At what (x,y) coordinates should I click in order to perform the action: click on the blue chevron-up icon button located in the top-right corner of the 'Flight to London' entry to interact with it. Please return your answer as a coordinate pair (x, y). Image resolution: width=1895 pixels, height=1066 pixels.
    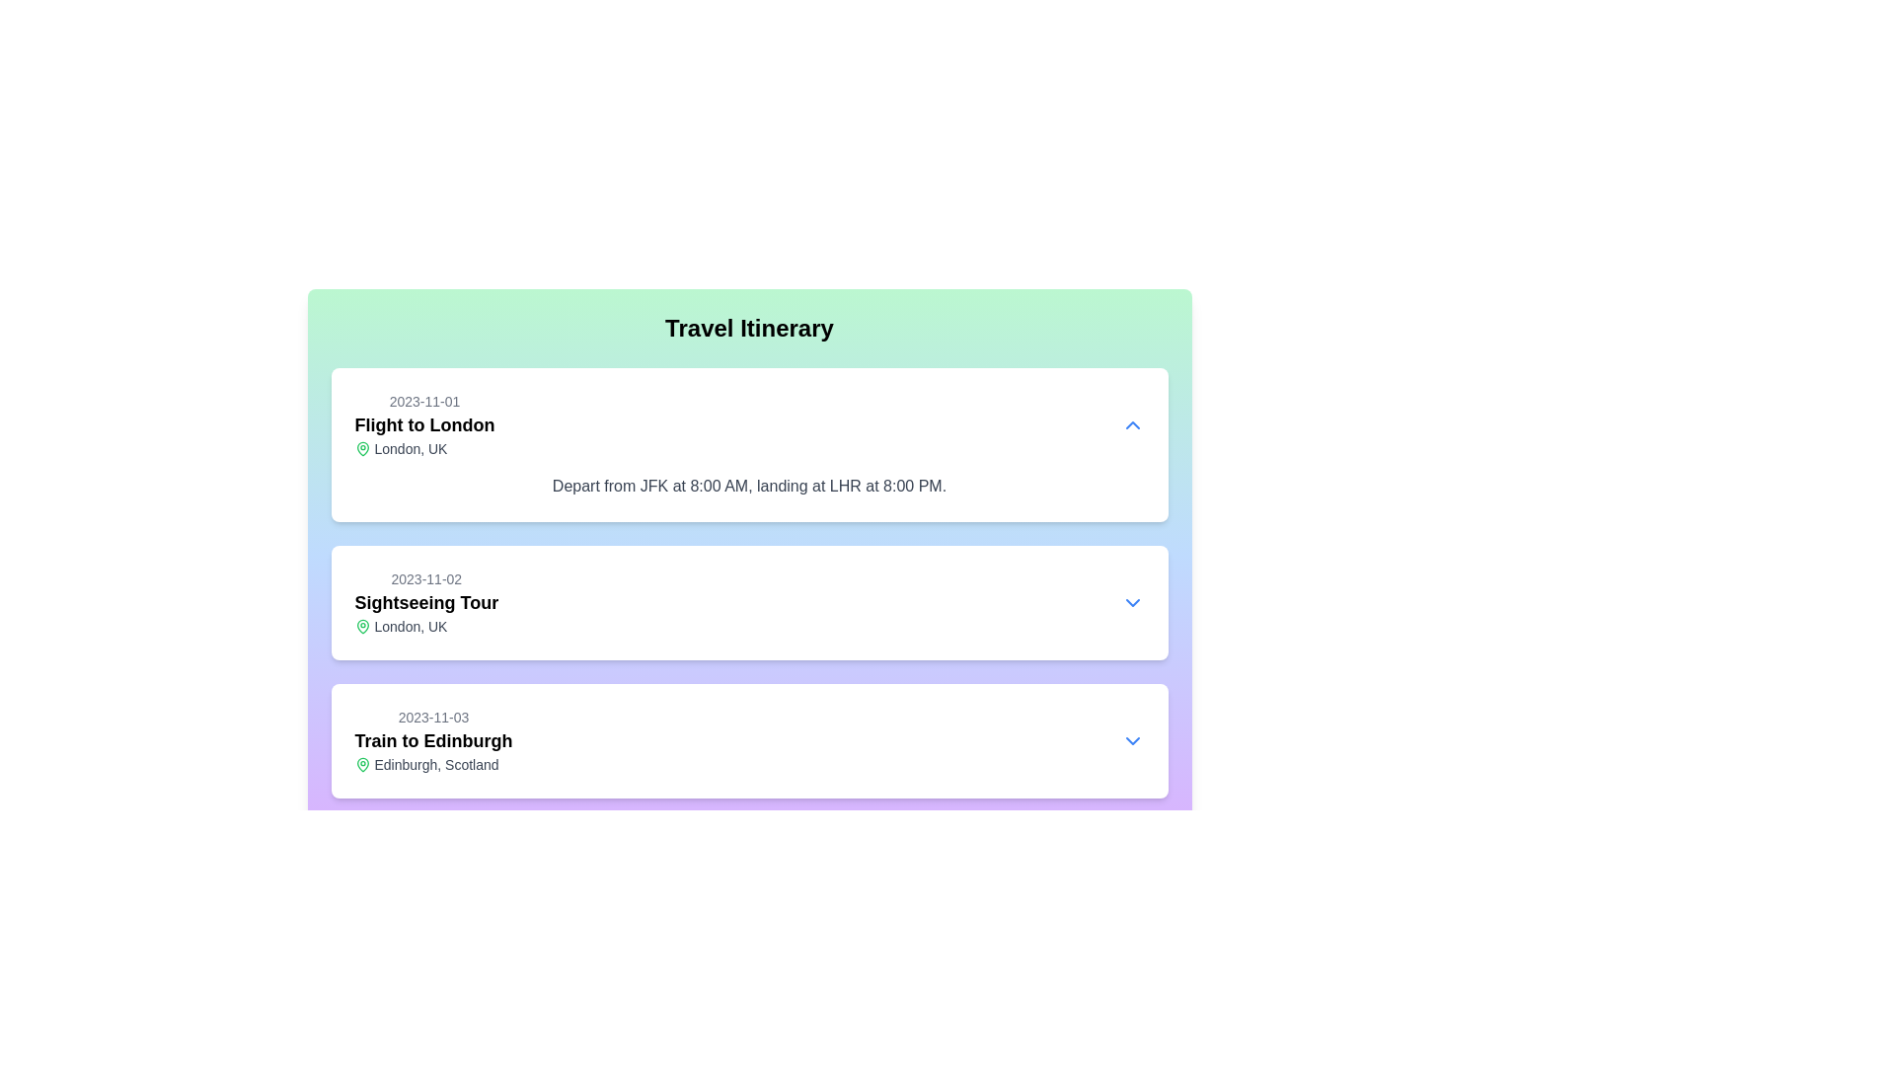
    Looking at the image, I should click on (1132, 424).